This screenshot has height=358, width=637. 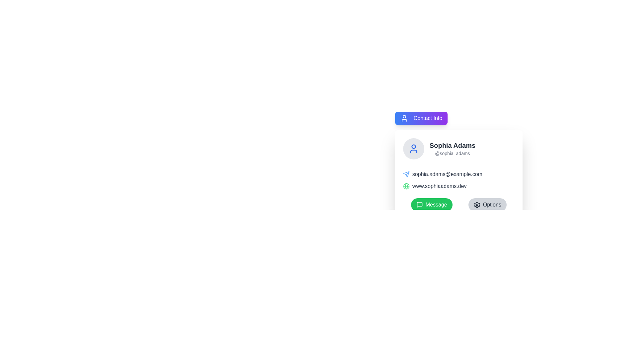 I want to click on the 'Contact Info' button, which features a gradient background from blue to purple and has white text with a user profile icon, so click(x=421, y=118).